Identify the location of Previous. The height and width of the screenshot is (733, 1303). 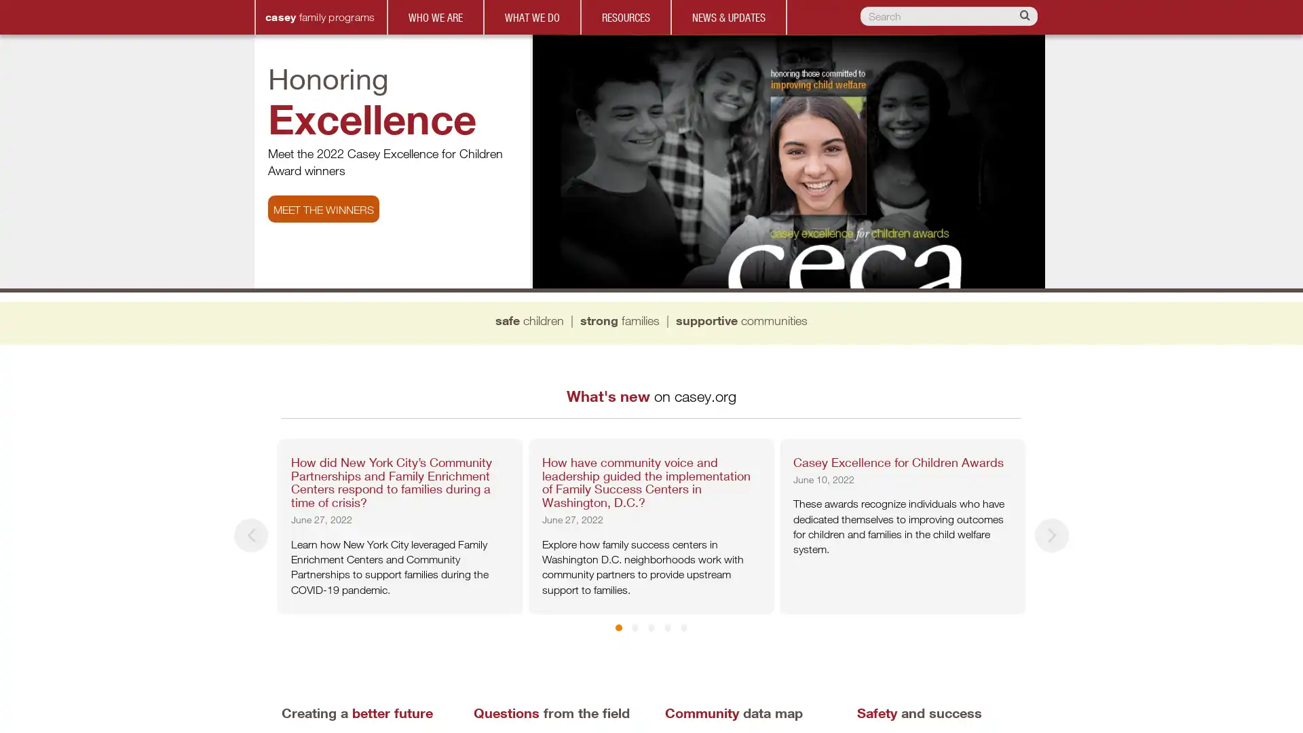
(250, 535).